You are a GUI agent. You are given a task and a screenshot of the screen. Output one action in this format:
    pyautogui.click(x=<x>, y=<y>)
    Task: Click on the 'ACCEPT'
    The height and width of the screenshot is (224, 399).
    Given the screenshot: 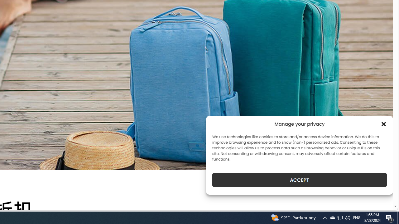 What is the action you would take?
    pyautogui.click(x=300, y=180)
    